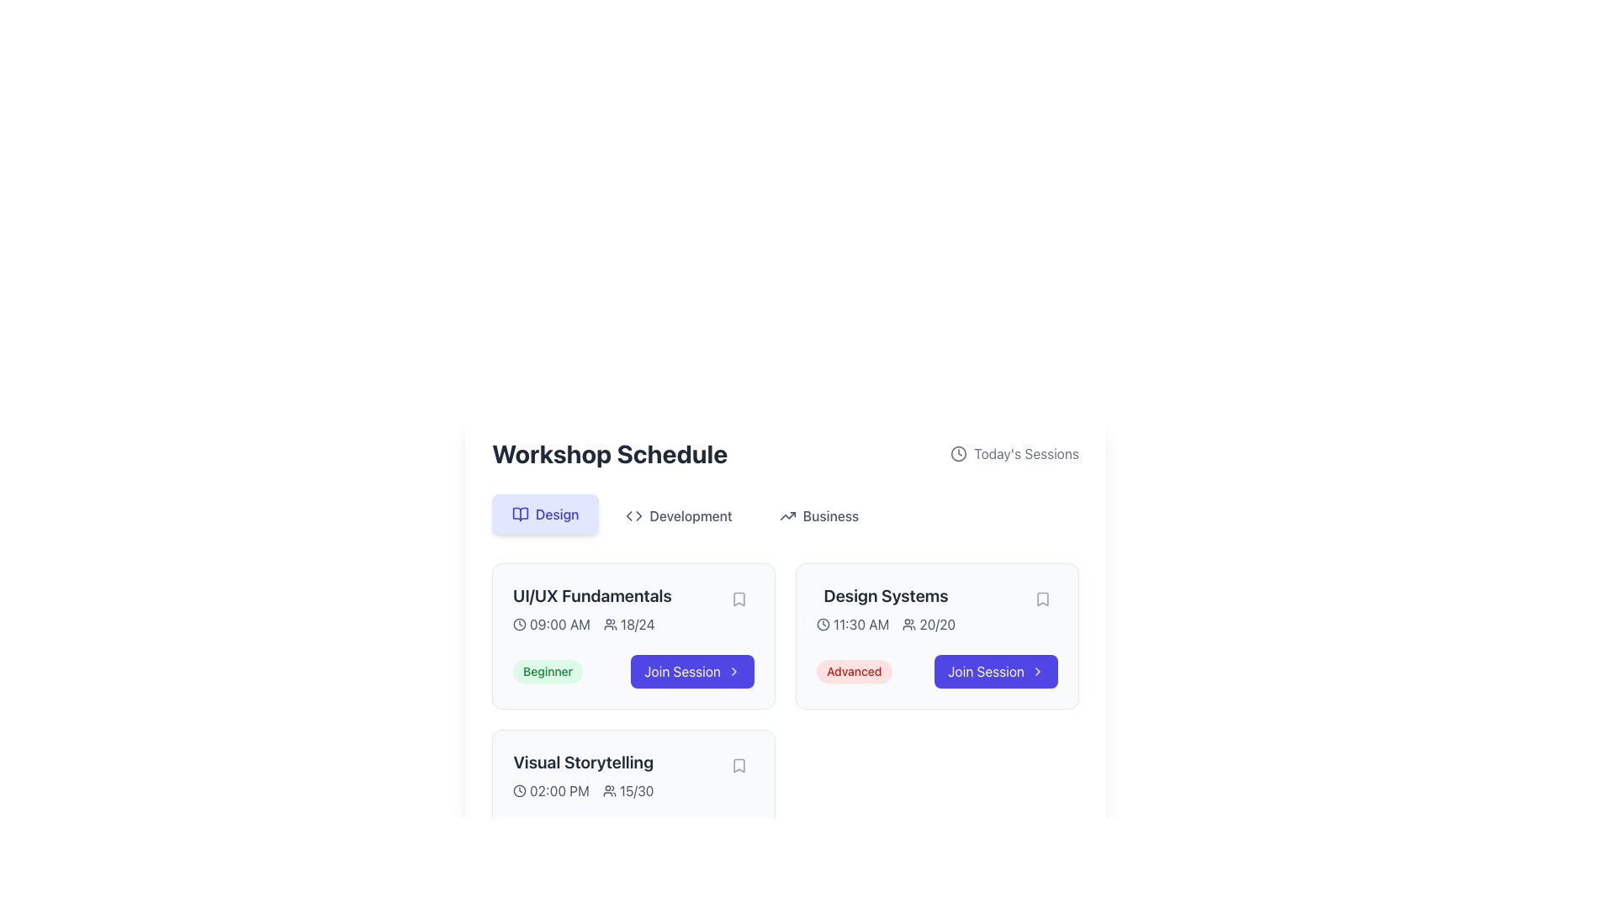  Describe the element at coordinates (592, 625) in the screenshot. I see `scheduled time and current attendance information displayed in the 'UI/UX Fundamentals' card, located below the title and above the 'Beginner' label and 'Join Session' button` at that location.